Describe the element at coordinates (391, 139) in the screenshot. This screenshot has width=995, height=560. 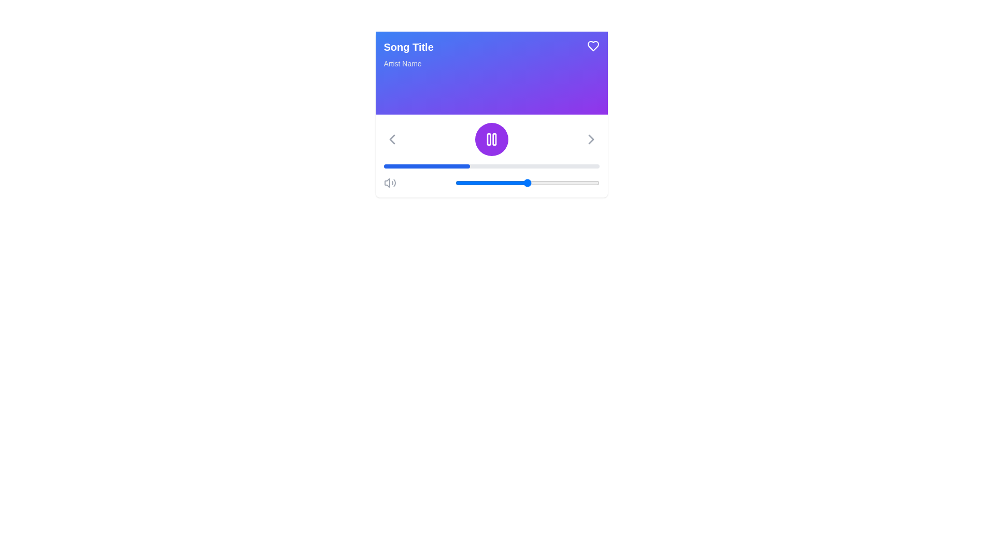
I see `the chevron icon located in the top-left section of the player control bar` at that location.